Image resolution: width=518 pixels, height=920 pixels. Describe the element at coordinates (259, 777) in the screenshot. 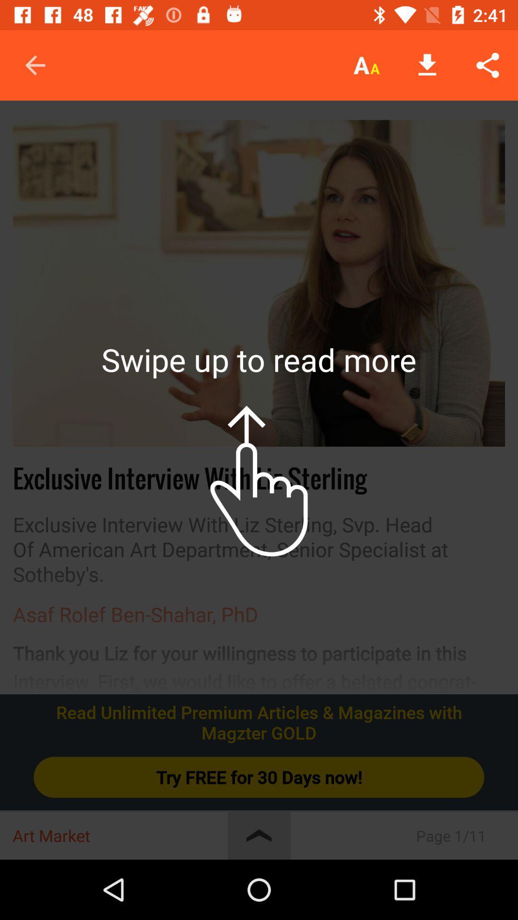

I see `the try free for icon` at that location.